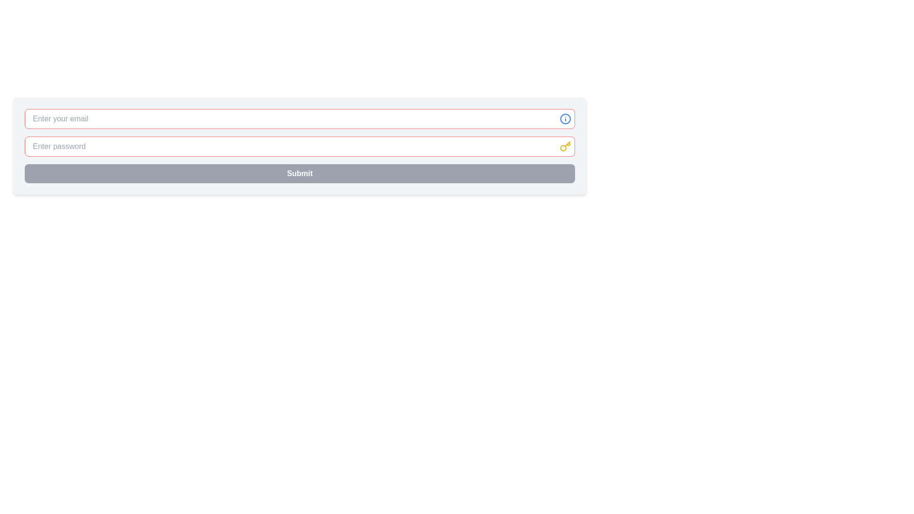 Image resolution: width=914 pixels, height=514 pixels. I want to click on the circular SVG icon with a blue outline located on the right side of the 'Enter your email' input field for interaction, so click(566, 119).